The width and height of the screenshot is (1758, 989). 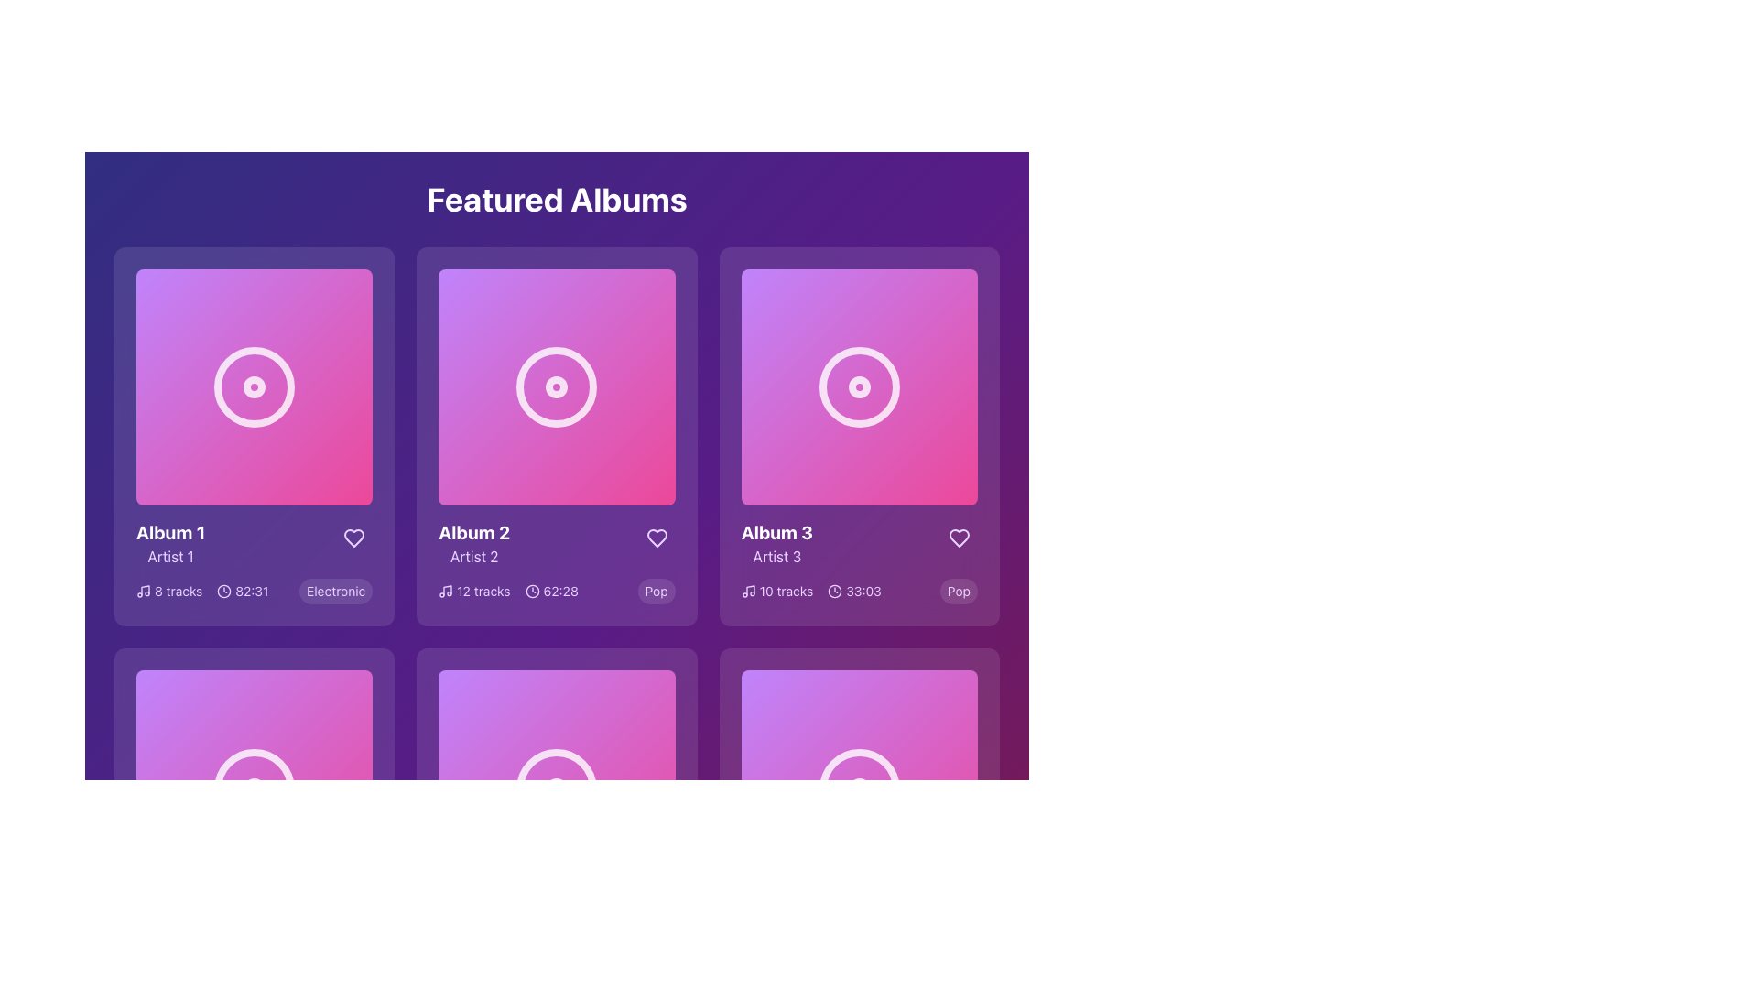 I want to click on the circular outline of the album icon, which is part of a larger disc icon, located in the center of the lower-right grid item, so click(x=858, y=788).